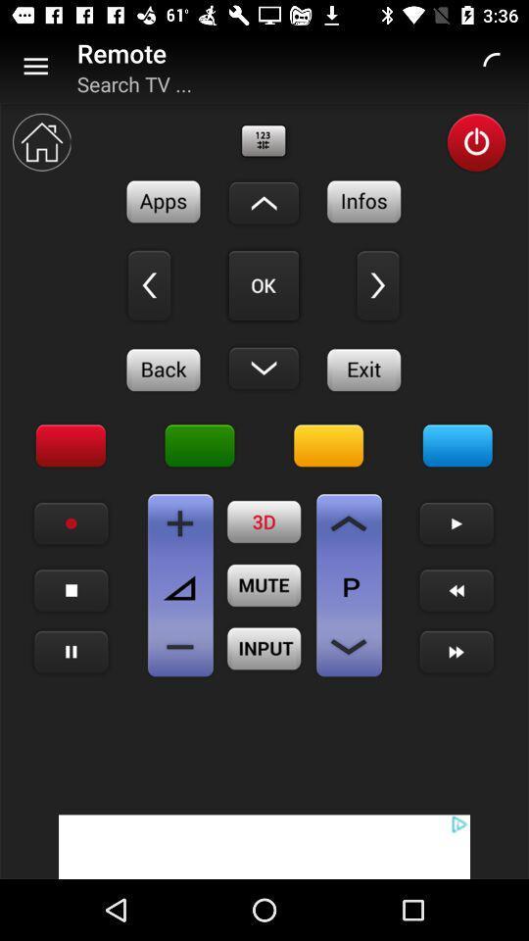  I want to click on go back, so click(163, 369).